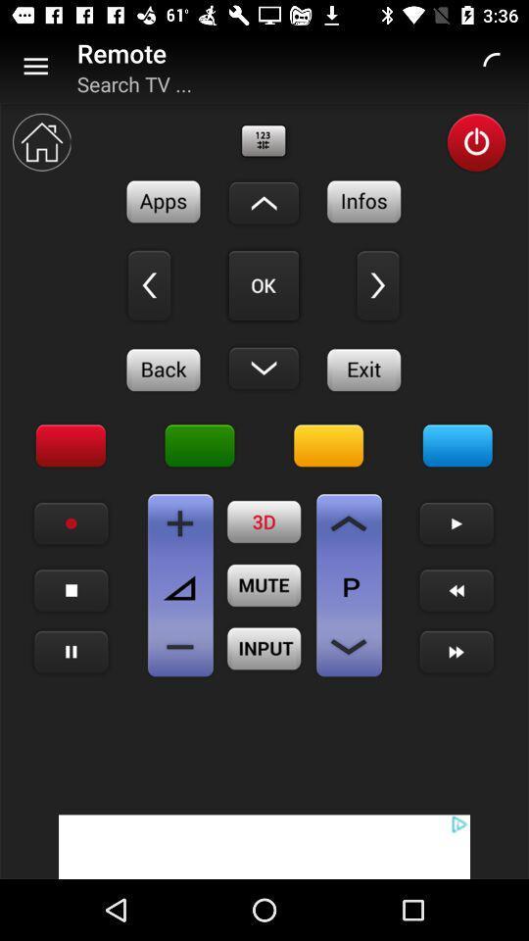  I want to click on go back, so click(163, 369).